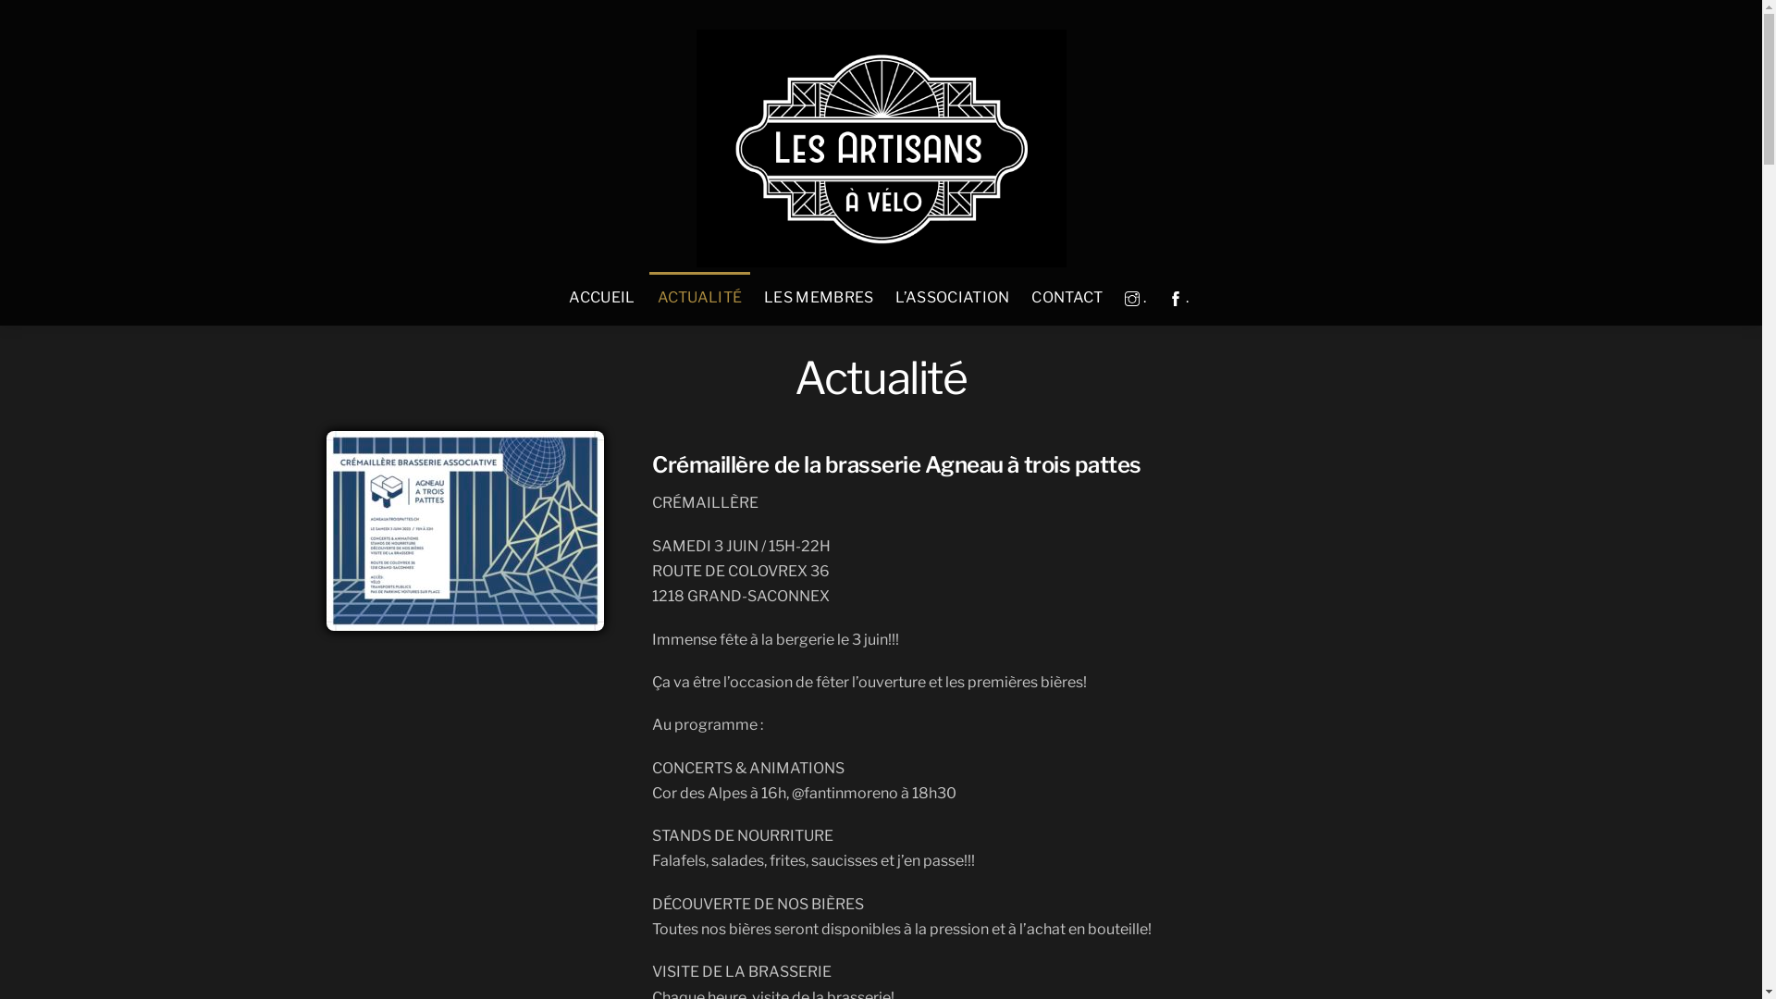  I want to click on '.', so click(1116, 298).